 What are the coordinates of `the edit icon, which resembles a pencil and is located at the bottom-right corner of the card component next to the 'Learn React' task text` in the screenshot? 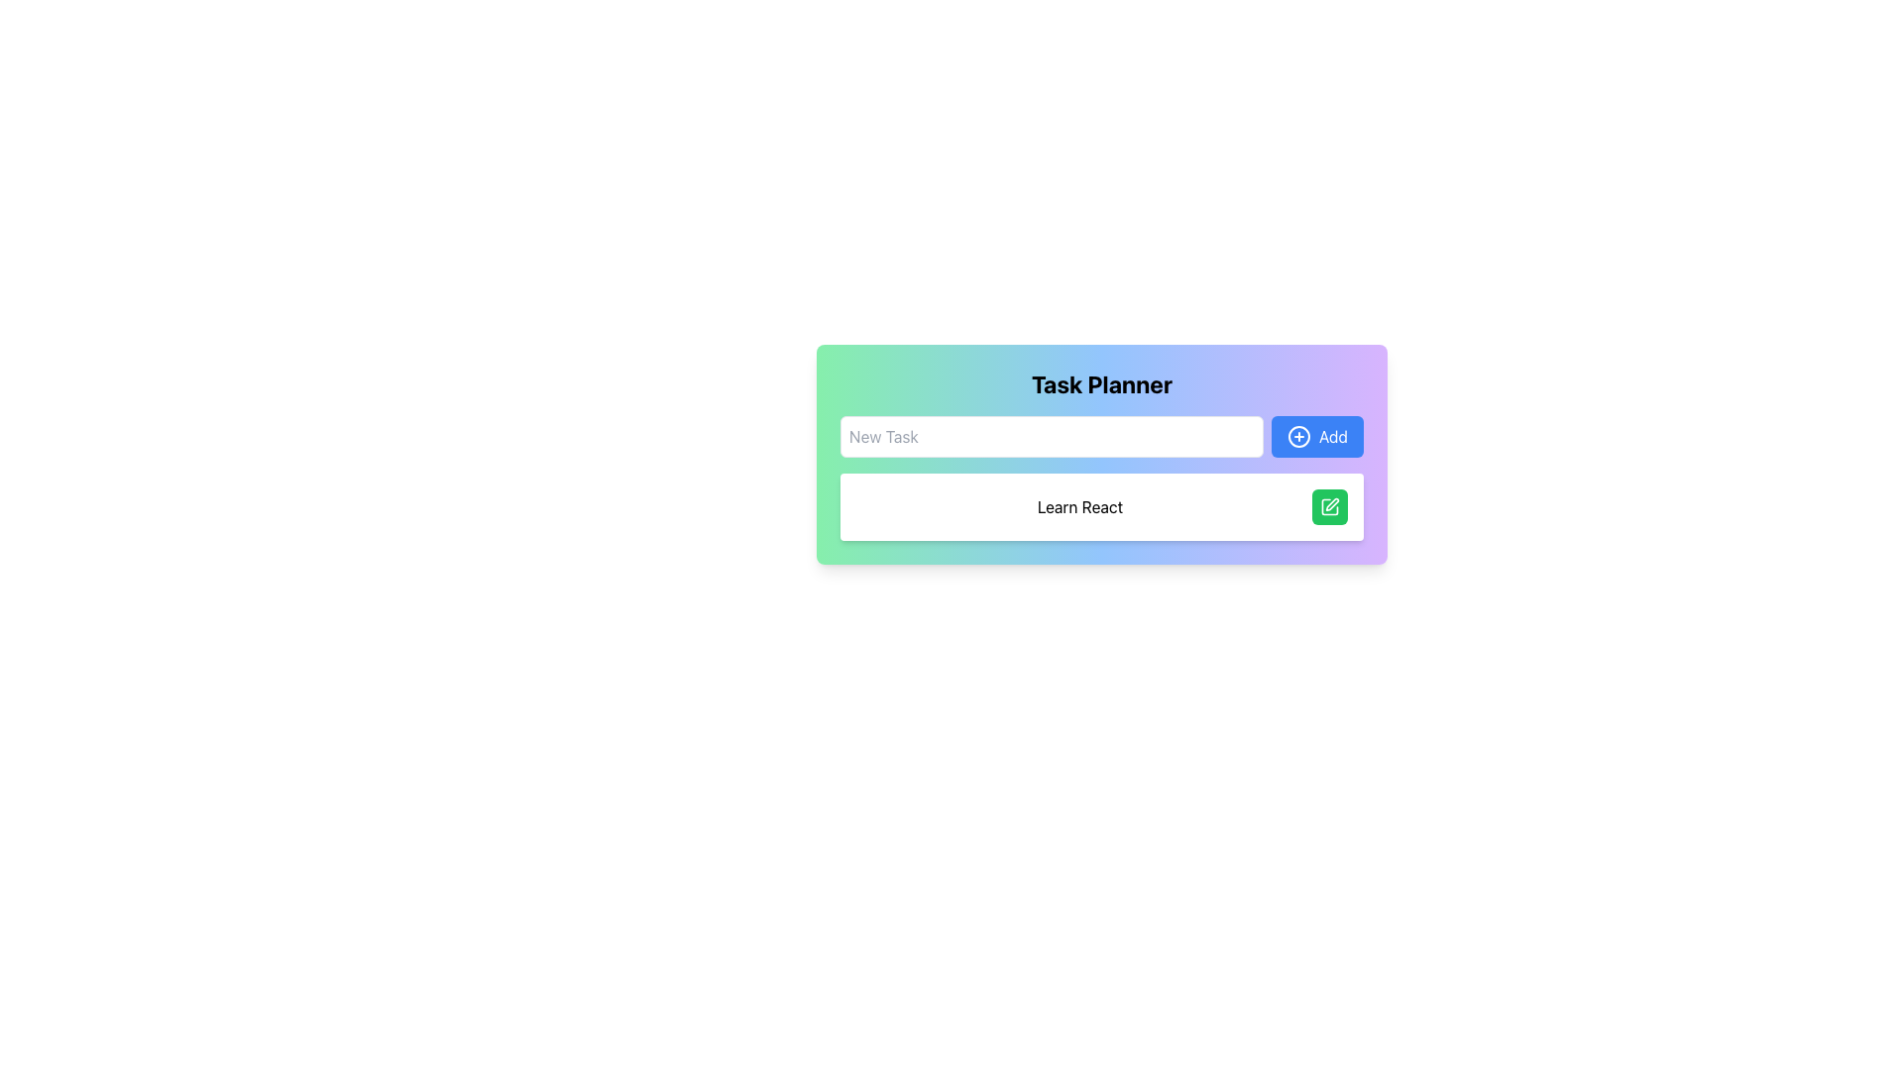 It's located at (1330, 506).